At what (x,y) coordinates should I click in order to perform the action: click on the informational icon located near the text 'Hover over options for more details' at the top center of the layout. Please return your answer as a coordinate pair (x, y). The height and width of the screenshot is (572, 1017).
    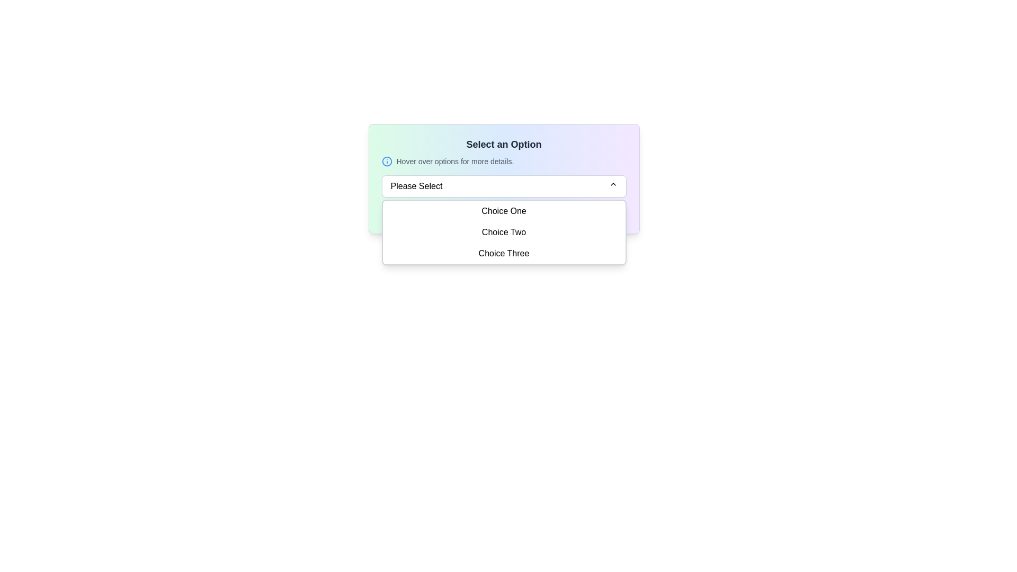
    Looking at the image, I should click on (386, 161).